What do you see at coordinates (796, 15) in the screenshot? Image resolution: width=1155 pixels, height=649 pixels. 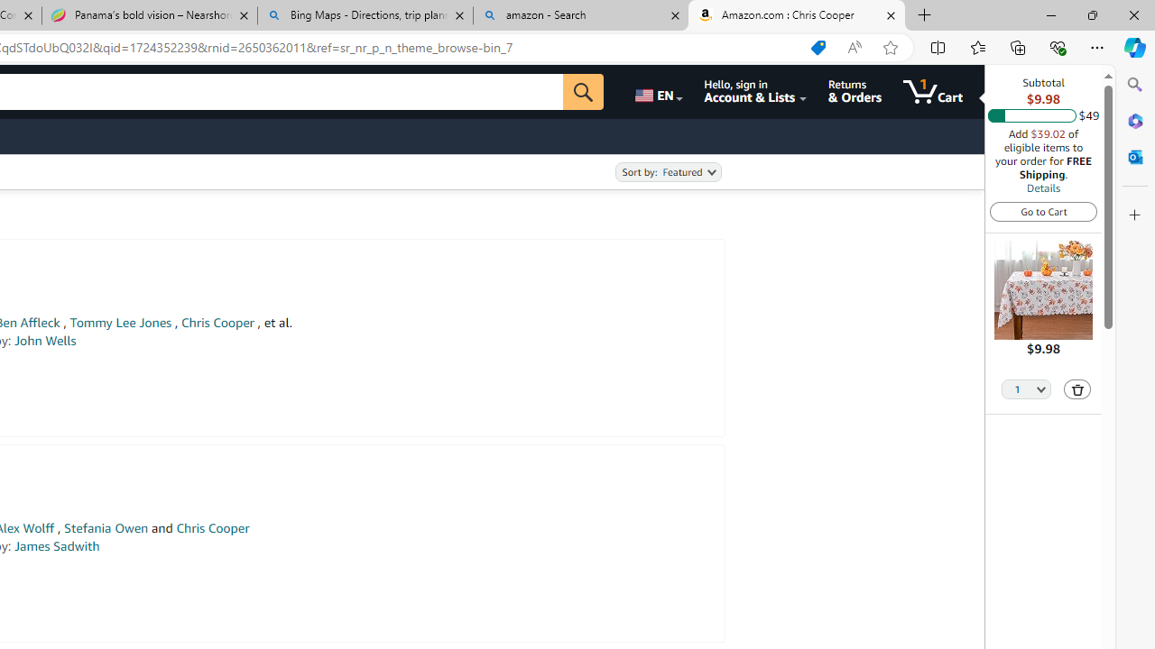 I see `'Amazon.com : Chris Cooper'` at bounding box center [796, 15].